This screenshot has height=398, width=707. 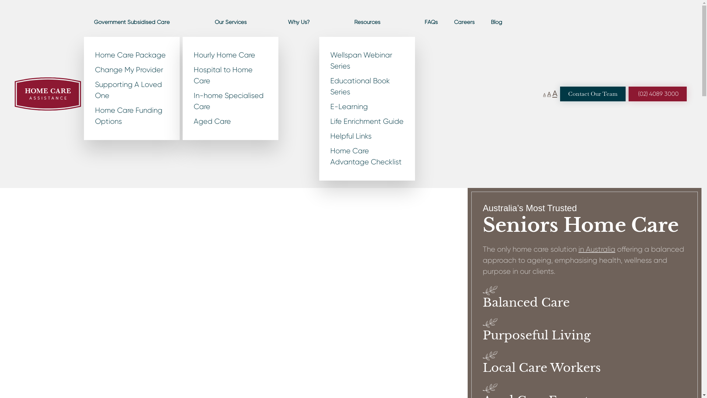 I want to click on 'Hourly Home Care', so click(x=230, y=55).